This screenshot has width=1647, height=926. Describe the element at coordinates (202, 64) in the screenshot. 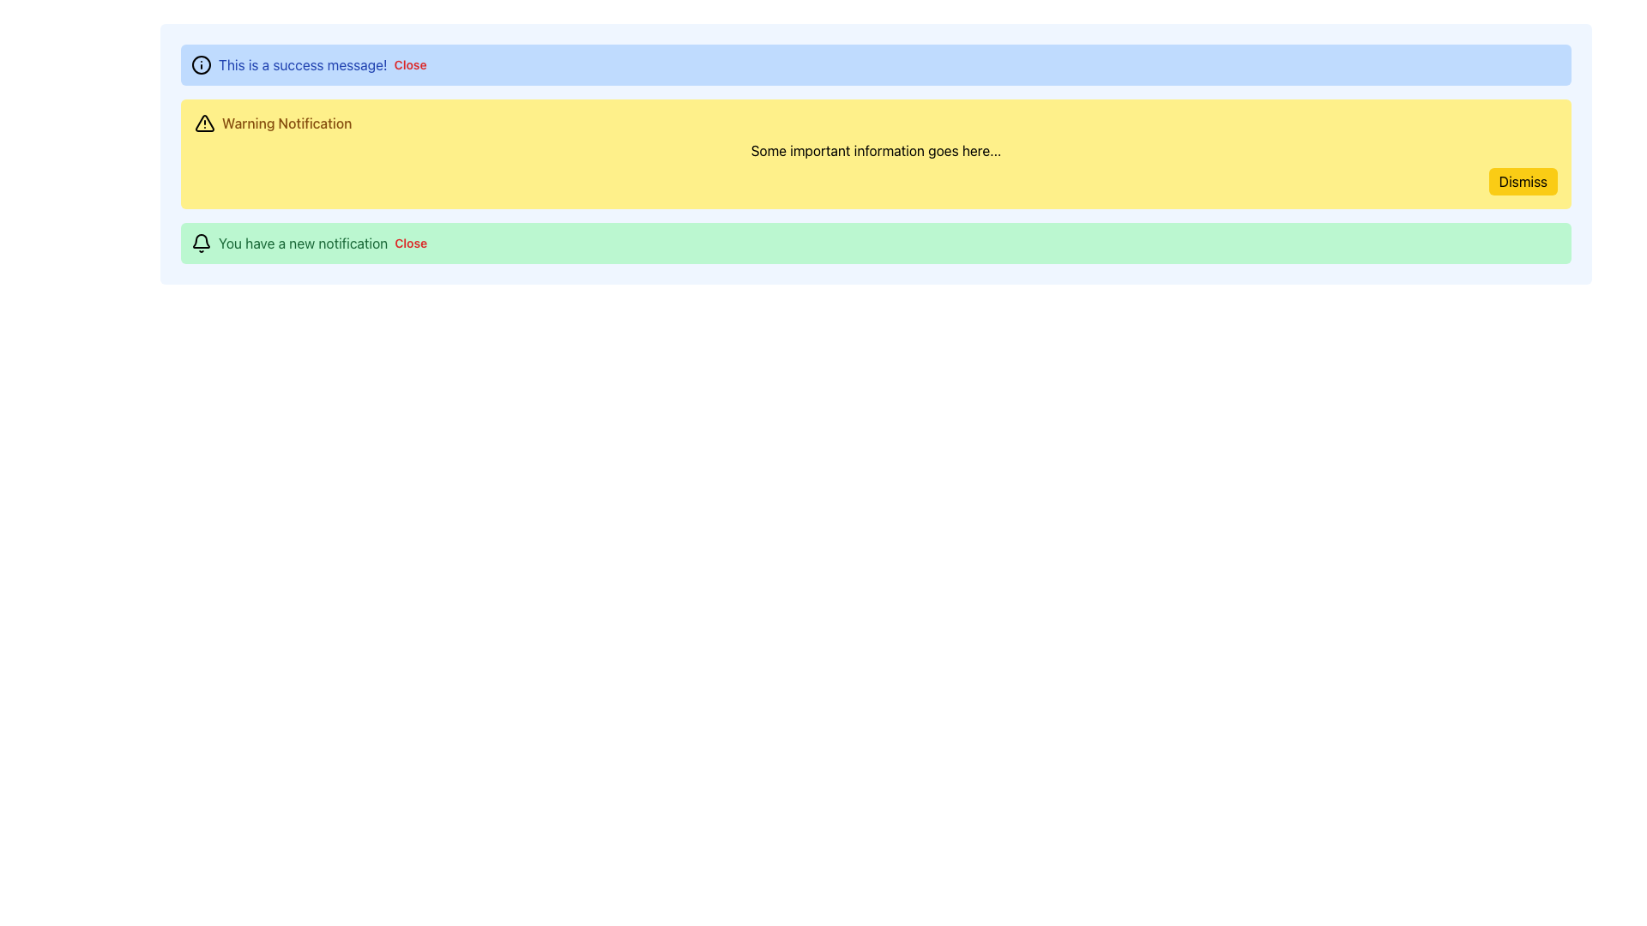

I see `the design of the informational icon located at the start of the notification bar, which indicates a successful message` at that location.